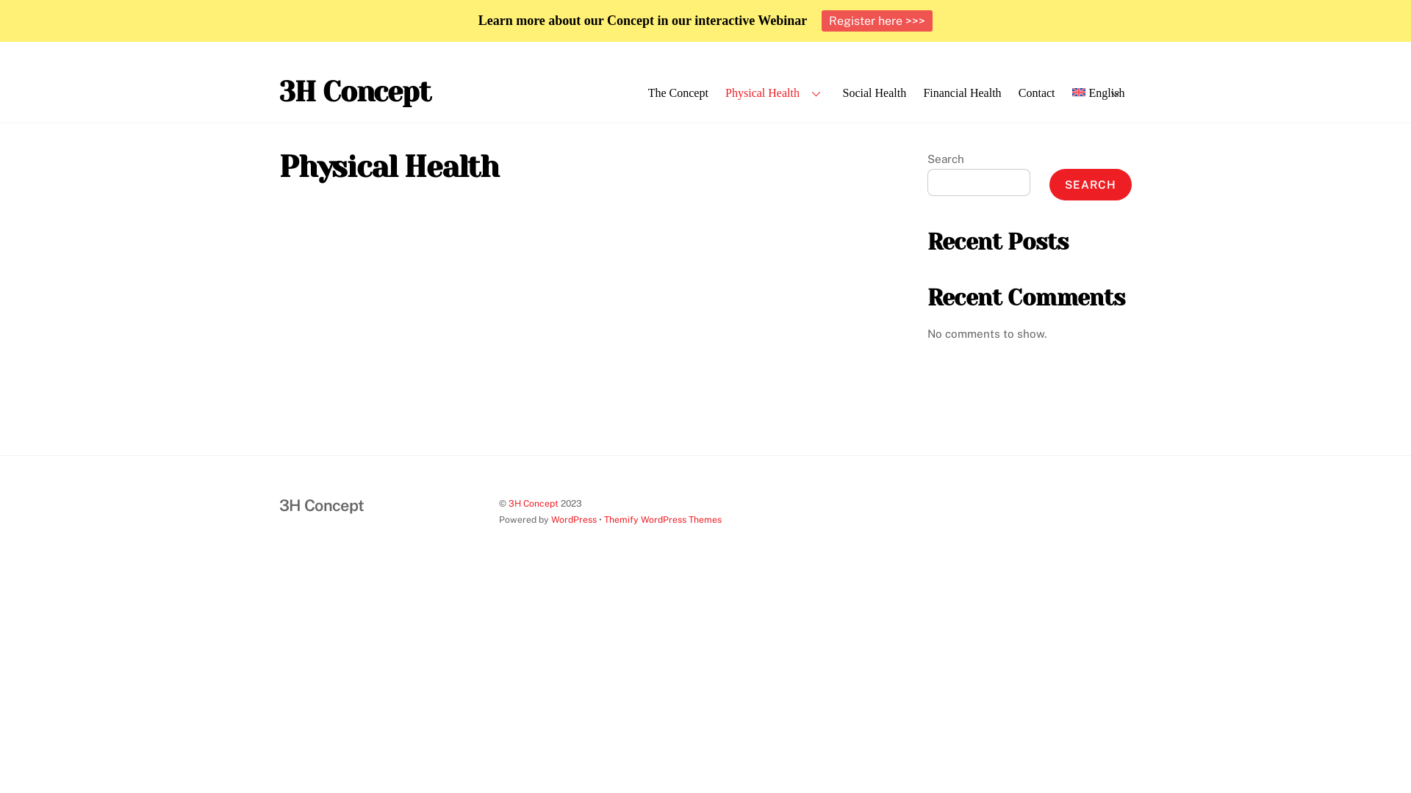 This screenshot has width=1411, height=793. I want to click on 'Contact', so click(1035, 93).